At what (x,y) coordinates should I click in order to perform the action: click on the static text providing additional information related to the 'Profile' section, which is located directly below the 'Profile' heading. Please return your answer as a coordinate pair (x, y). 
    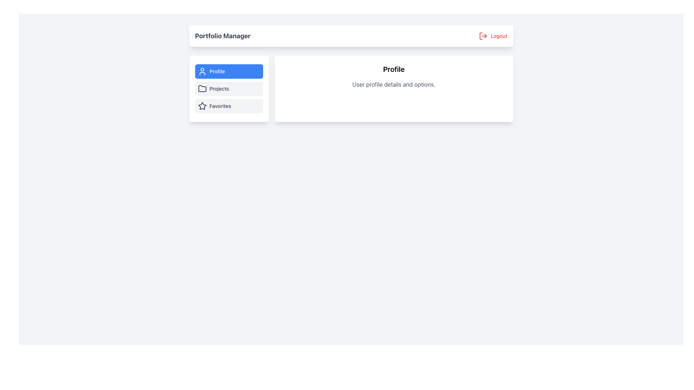
    Looking at the image, I should click on (393, 84).